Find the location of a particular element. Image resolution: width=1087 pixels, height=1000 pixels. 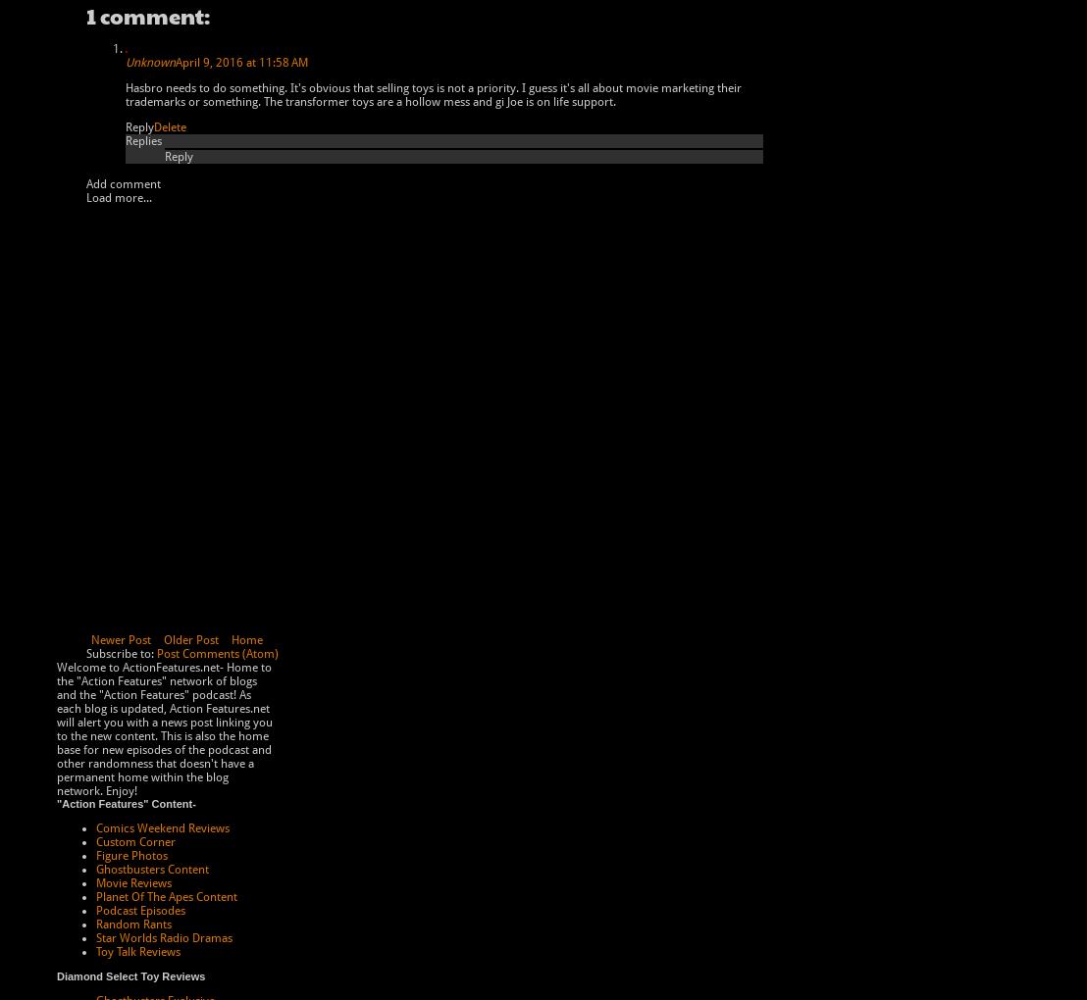

'Home' is located at coordinates (245, 640).